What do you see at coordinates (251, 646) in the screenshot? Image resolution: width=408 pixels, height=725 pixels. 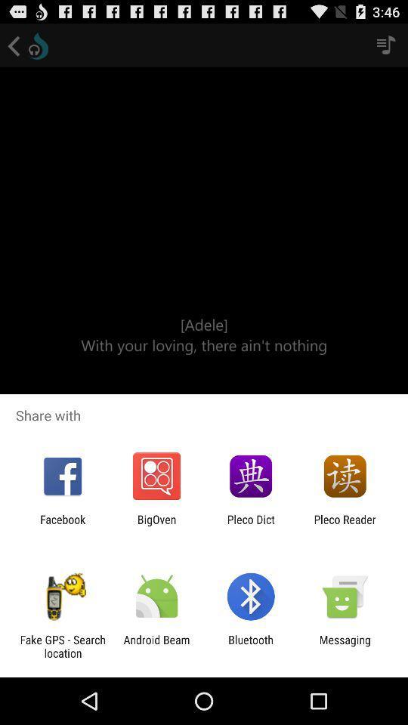 I see `bluetooth app` at bounding box center [251, 646].